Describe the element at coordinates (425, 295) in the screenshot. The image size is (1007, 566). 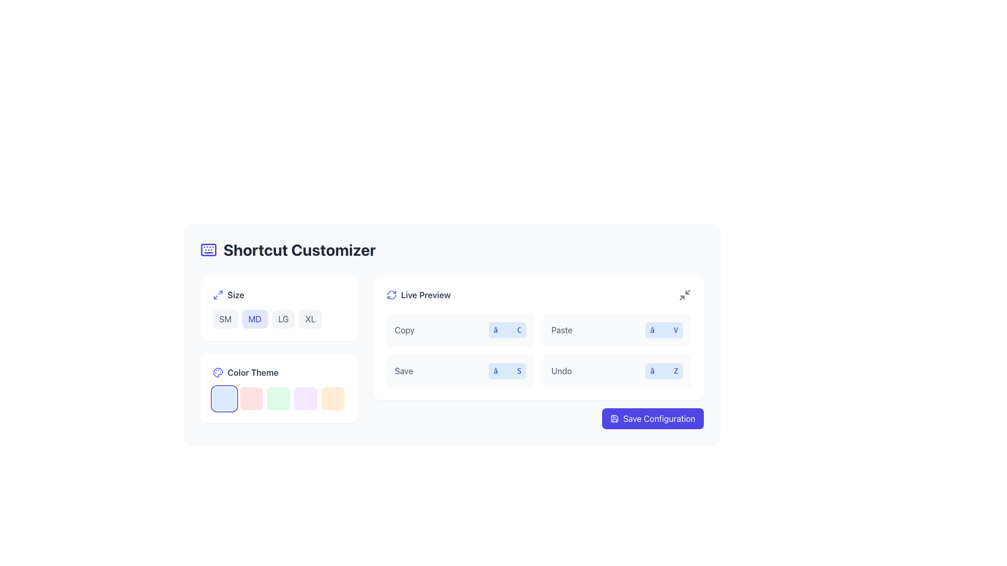
I see `the Text Label that provides context for the interactive components below it, positioned to the right of an icon in the top section of the layout` at that location.